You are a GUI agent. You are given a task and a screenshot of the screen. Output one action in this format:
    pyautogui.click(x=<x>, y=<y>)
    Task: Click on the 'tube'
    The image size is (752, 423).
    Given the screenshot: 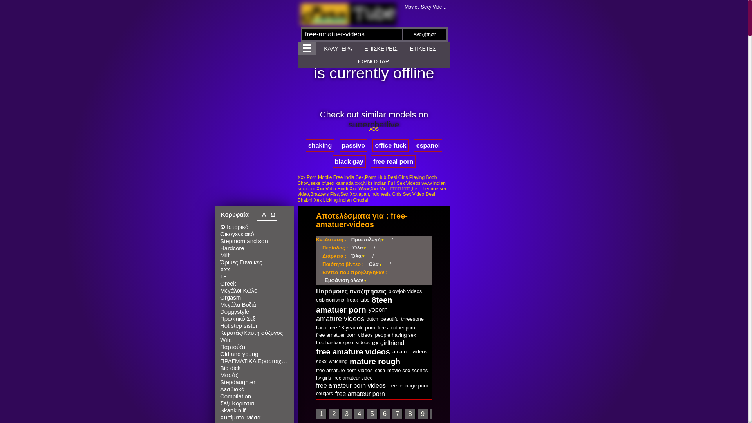 What is the action you would take?
    pyautogui.click(x=364, y=300)
    